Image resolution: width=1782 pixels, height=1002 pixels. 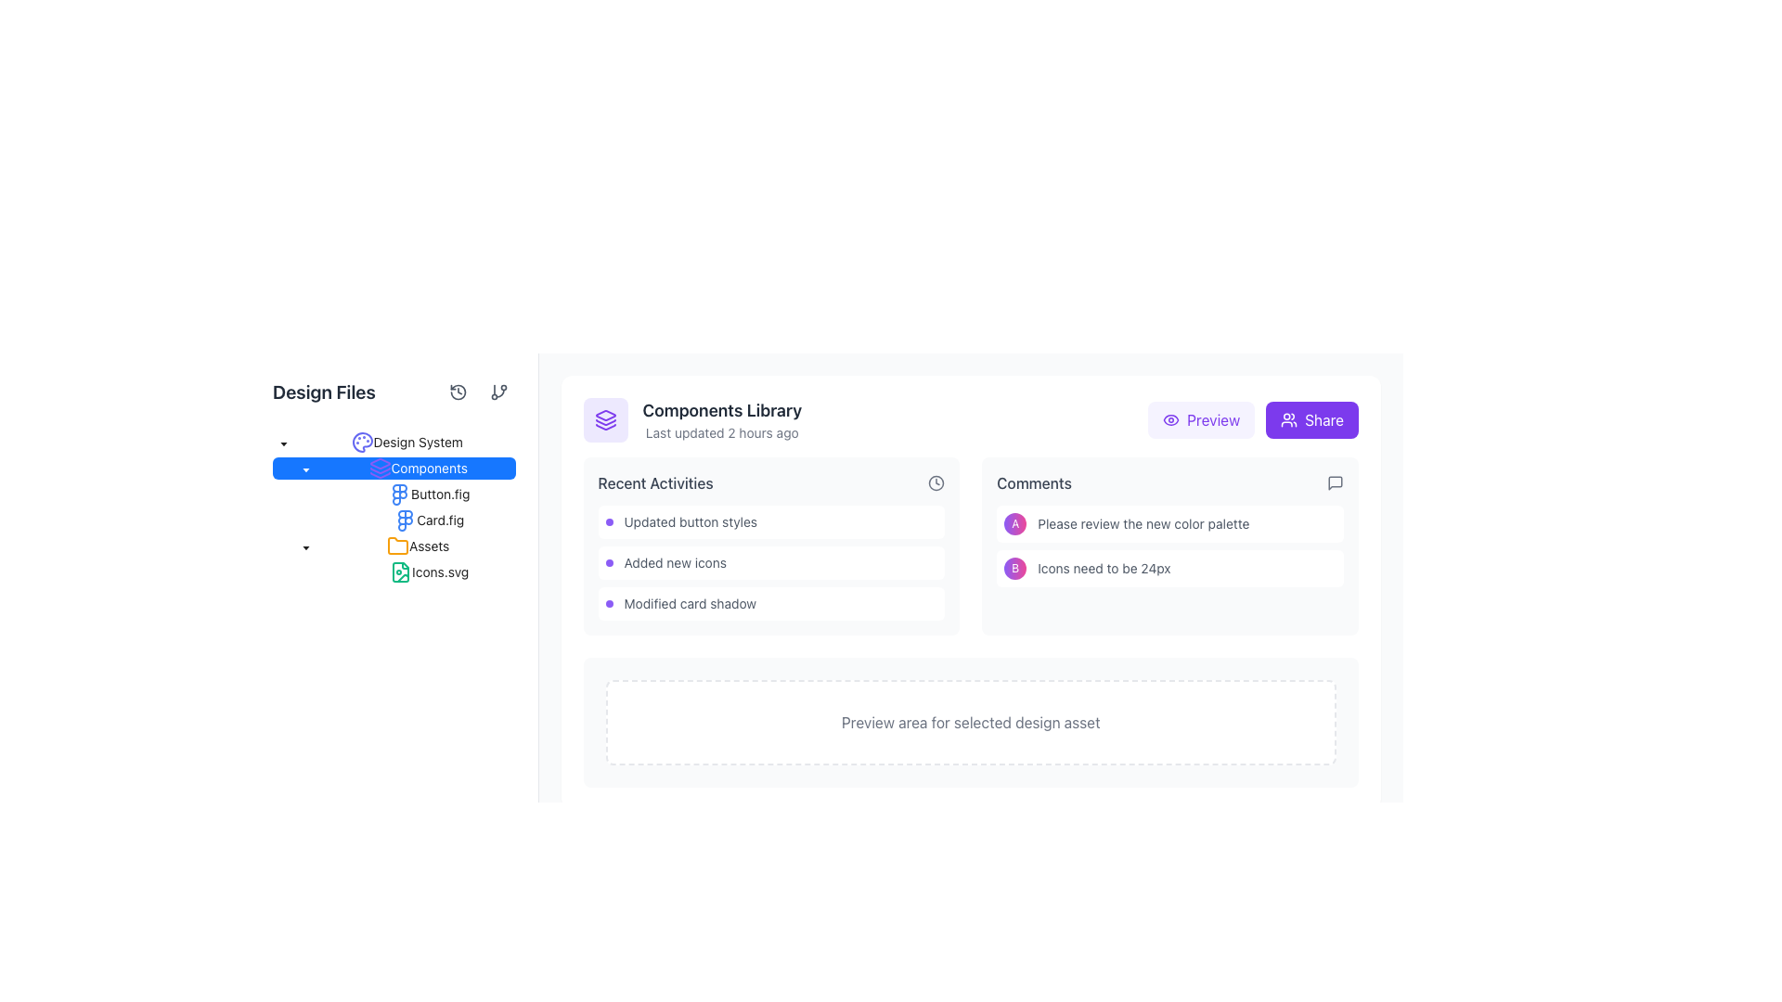 I want to click on the selectable item labeled 'Card.fig' located, so click(x=428, y=520).